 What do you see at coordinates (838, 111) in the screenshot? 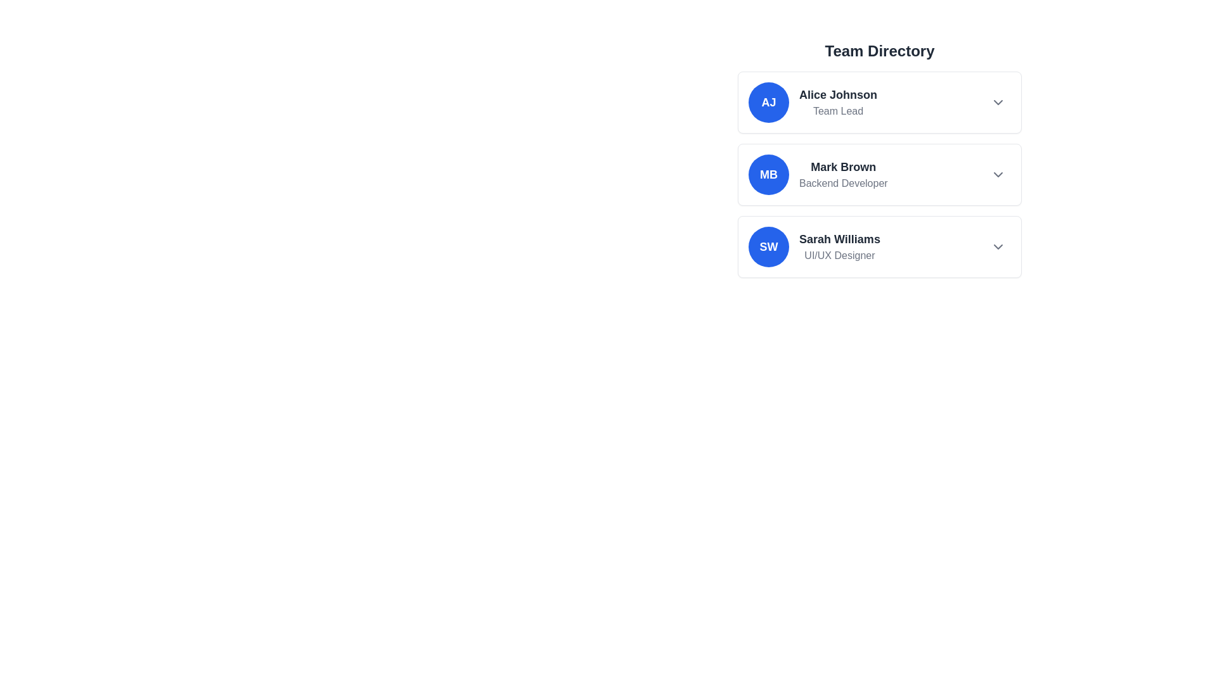
I see `the label displaying the role or designation of 'Alice Johnson' in the 'Team Directory' section, which is positioned below her name and aligned to the left` at bounding box center [838, 111].